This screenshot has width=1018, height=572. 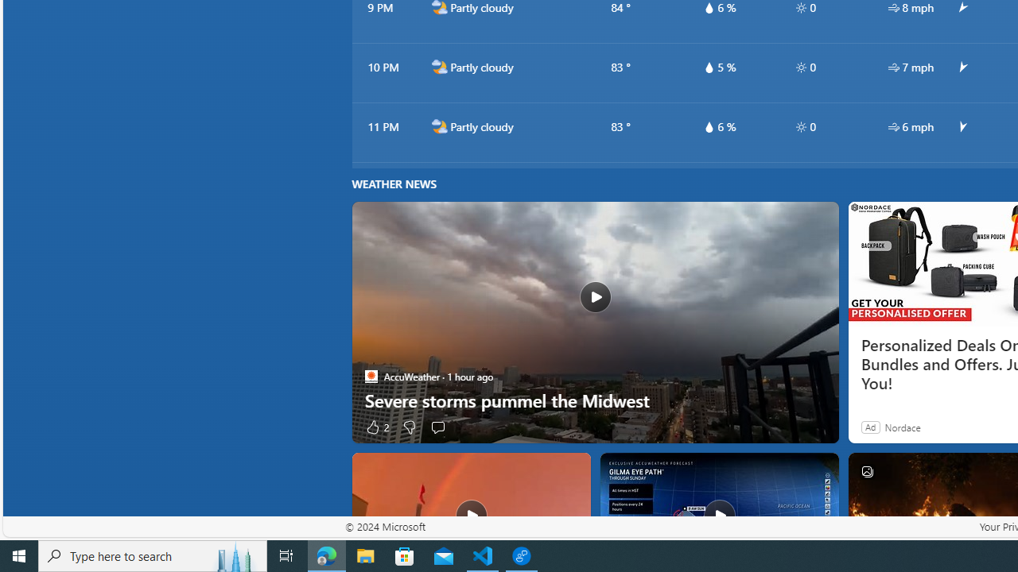 I want to click on 'Dislike', so click(x=409, y=426).